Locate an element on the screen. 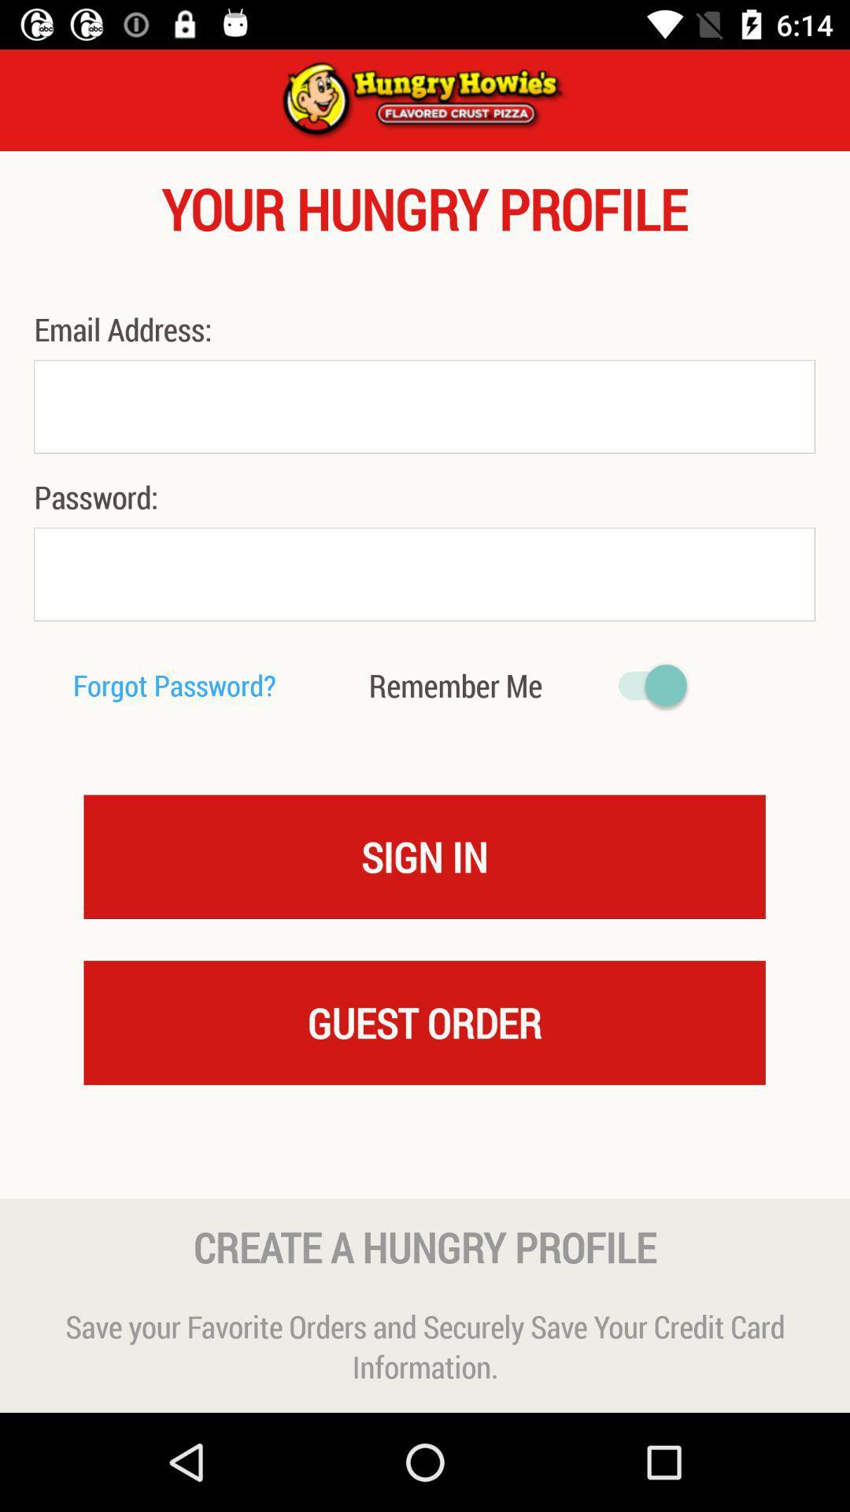 The height and width of the screenshot is (1512, 850). type password is located at coordinates (423, 573).